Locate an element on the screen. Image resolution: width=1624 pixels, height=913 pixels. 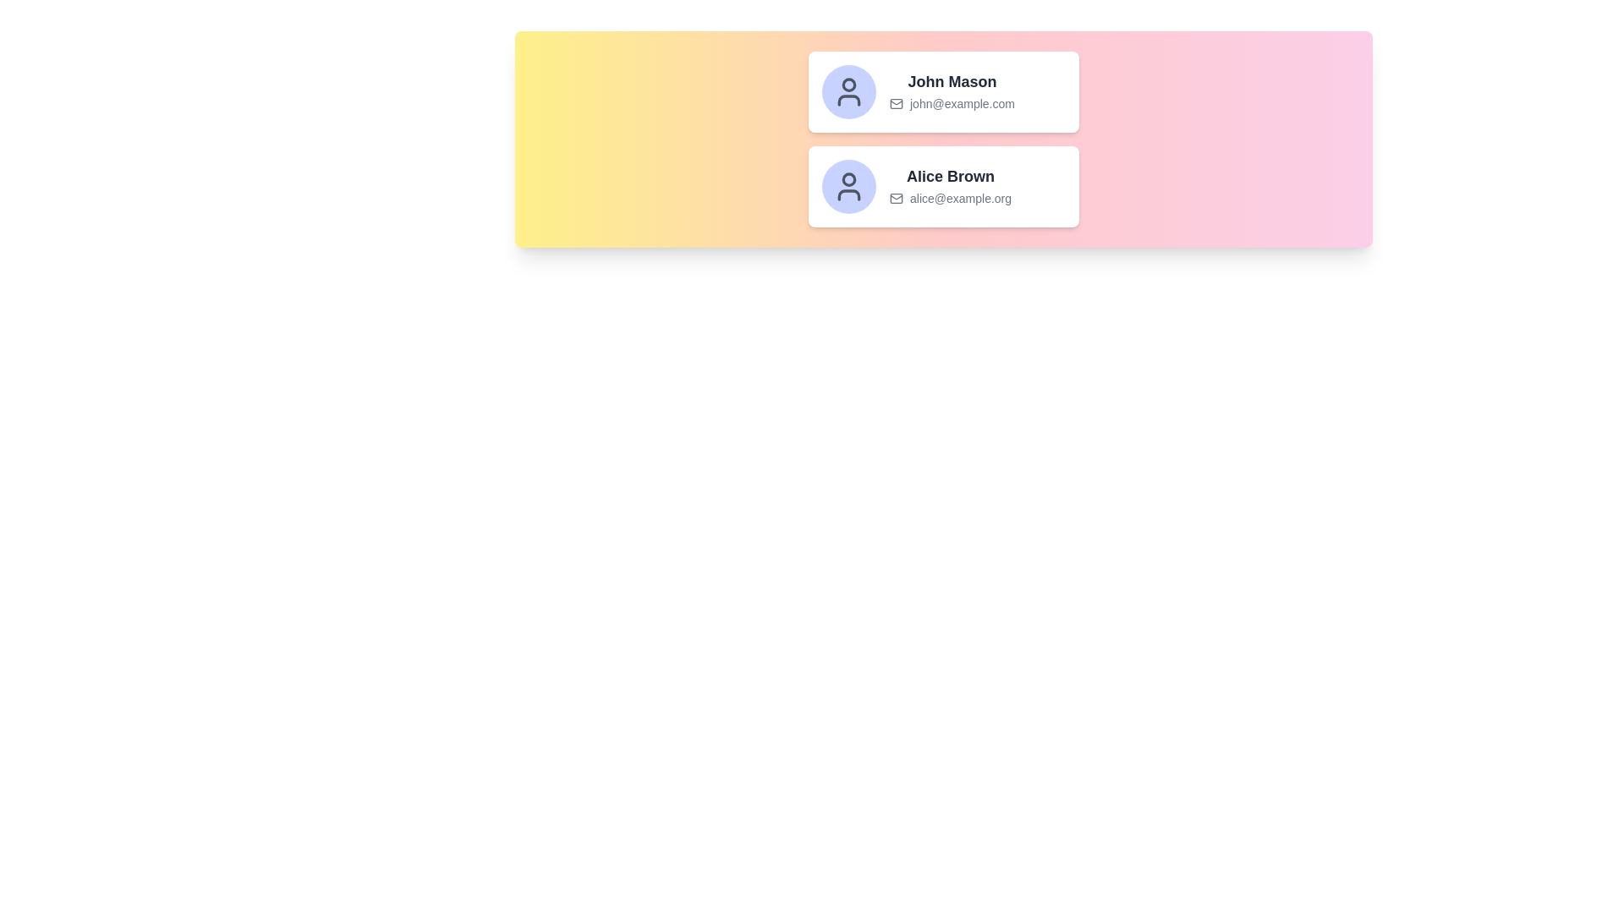
the text label displaying the name 'John Mason', which is positioned at the top of the card layout is located at coordinates (952, 81).